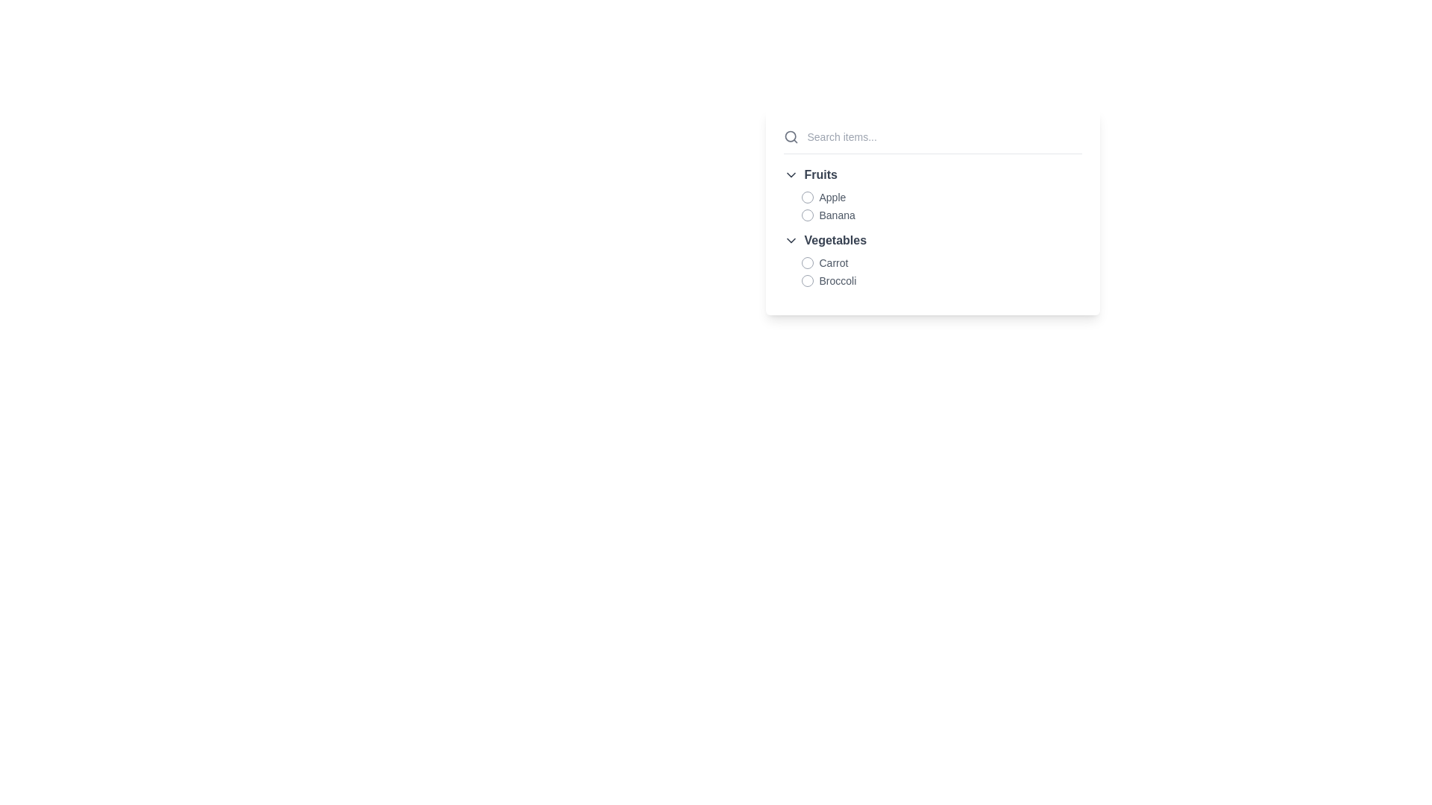 This screenshot has width=1432, height=805. I want to click on the text label displaying 'Broccoli' in gray color, located to the right of a radio button under the 'Vegetables' section, so click(838, 281).